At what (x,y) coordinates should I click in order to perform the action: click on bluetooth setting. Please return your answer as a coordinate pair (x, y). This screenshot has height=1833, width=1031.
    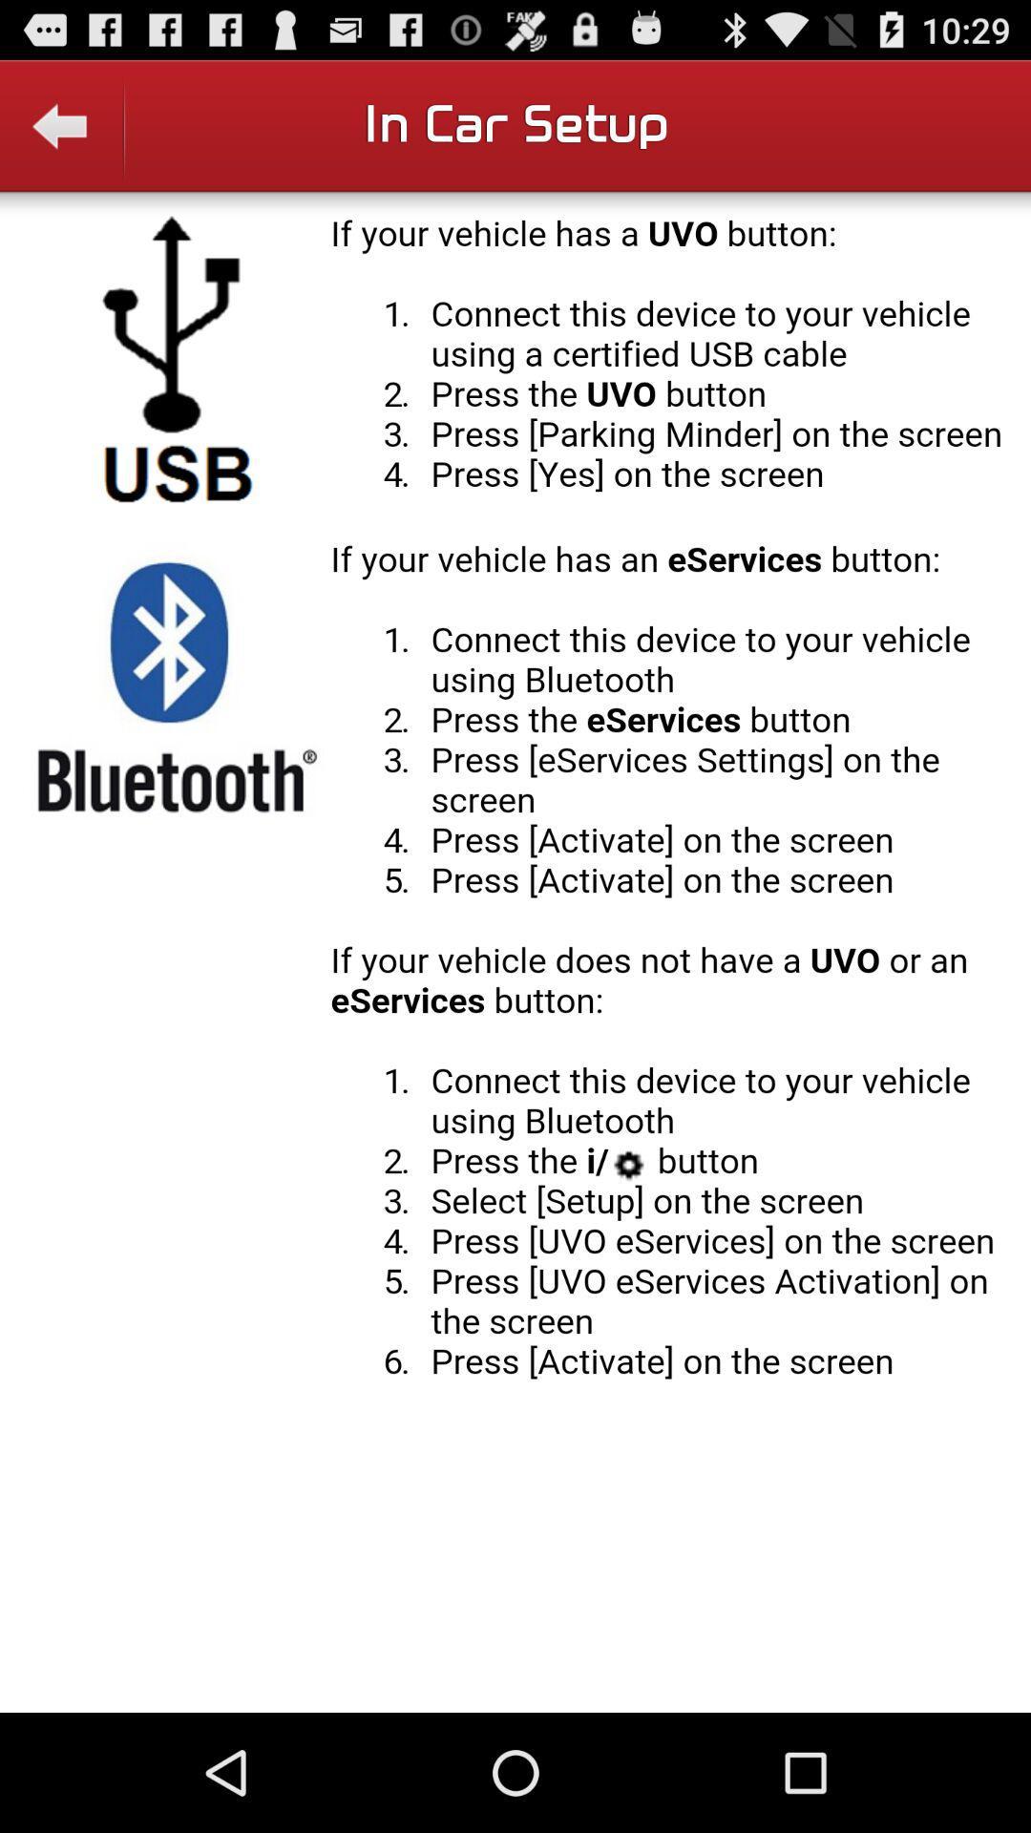
    Looking at the image, I should click on (515, 952).